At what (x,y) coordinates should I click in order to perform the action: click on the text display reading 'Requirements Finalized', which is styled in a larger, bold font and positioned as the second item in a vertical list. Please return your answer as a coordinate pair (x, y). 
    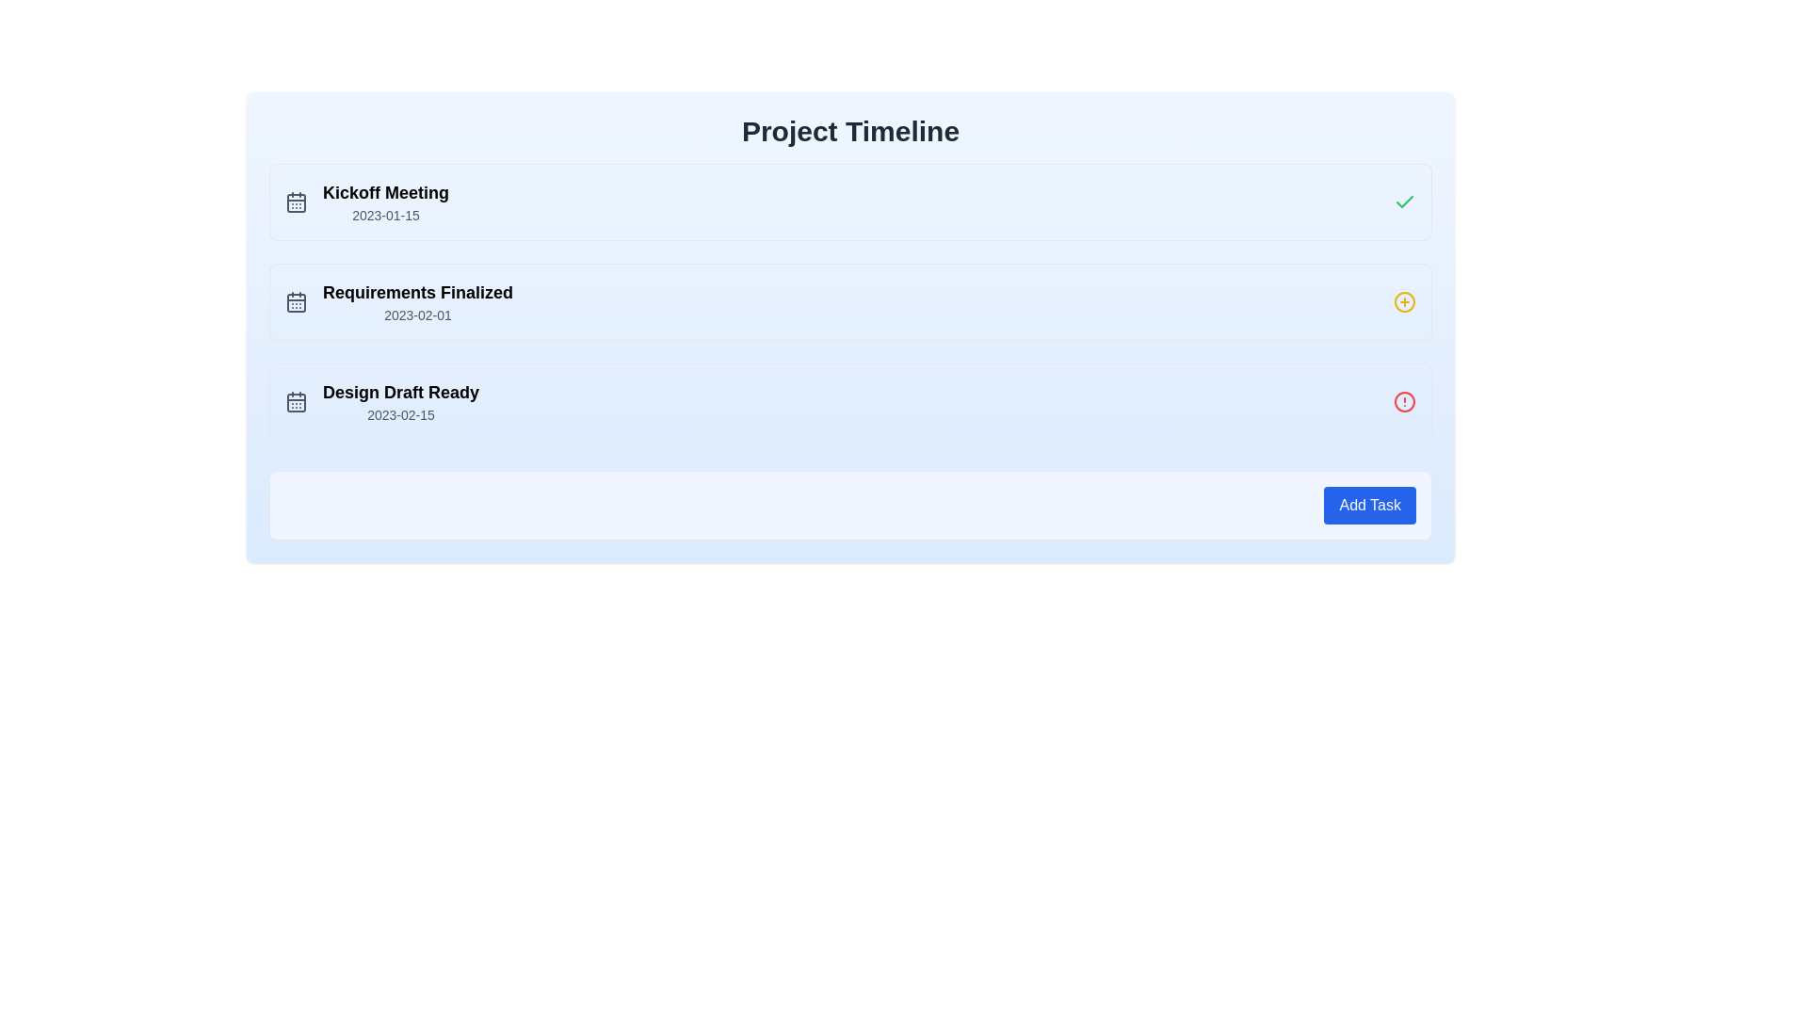
    Looking at the image, I should click on (417, 293).